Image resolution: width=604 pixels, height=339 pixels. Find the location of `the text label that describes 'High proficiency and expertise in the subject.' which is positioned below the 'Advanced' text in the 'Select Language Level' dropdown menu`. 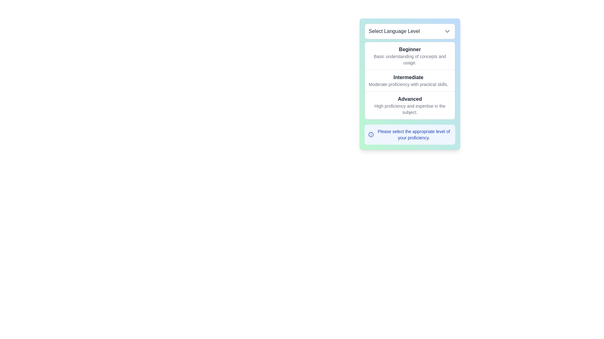

the text label that describes 'High proficiency and expertise in the subject.' which is positioned below the 'Advanced' text in the 'Select Language Level' dropdown menu is located at coordinates (410, 109).